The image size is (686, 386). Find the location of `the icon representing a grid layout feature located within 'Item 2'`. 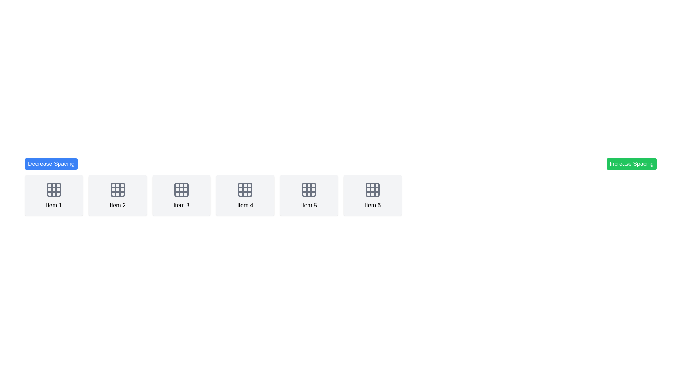

the icon representing a grid layout feature located within 'Item 2' is located at coordinates (118, 189).